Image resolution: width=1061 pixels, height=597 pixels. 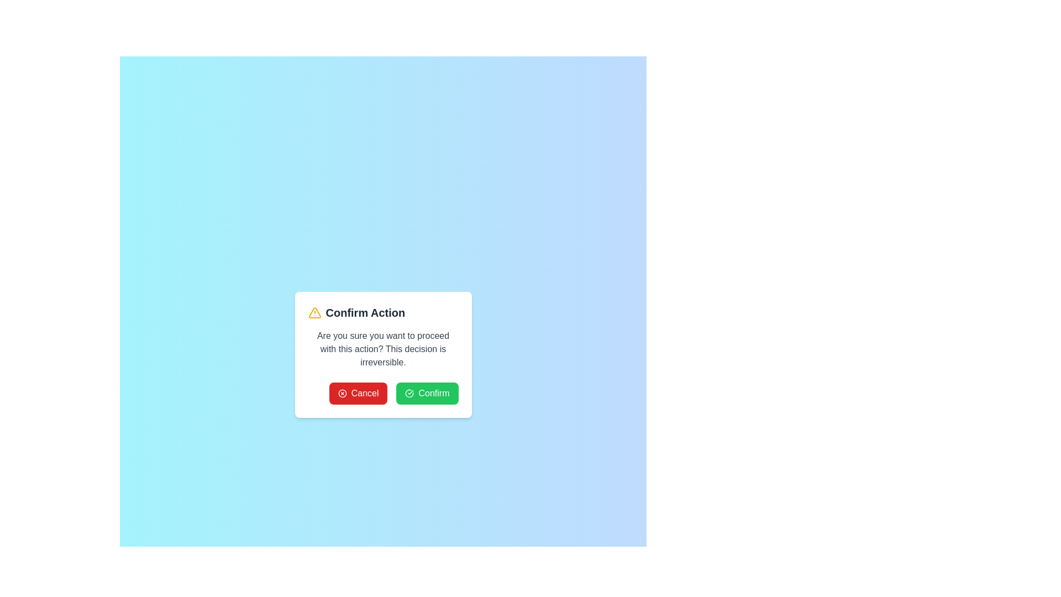 What do you see at coordinates (365, 313) in the screenshot?
I see `the confirmation dialog's heading text label, which indicates the action the user is about to confirm, positioned to the right of the warning icon` at bounding box center [365, 313].